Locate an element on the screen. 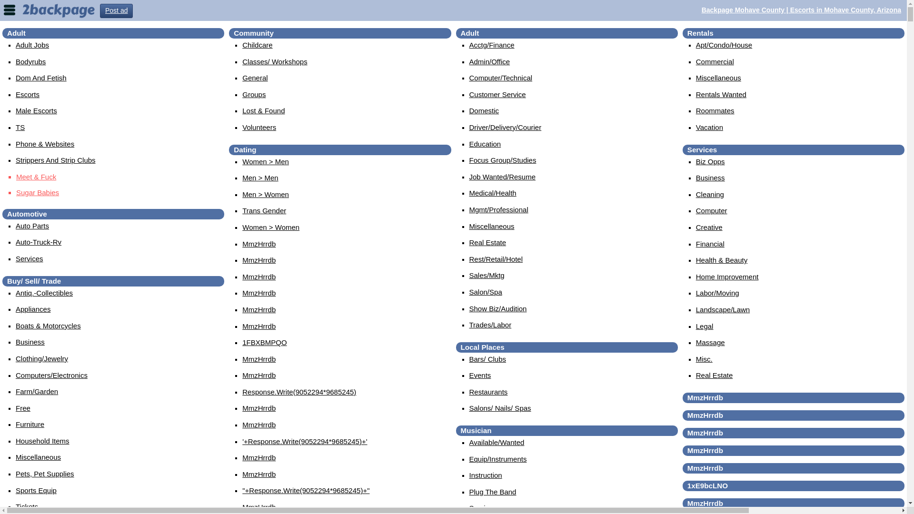  'Computer' is located at coordinates (711, 210).